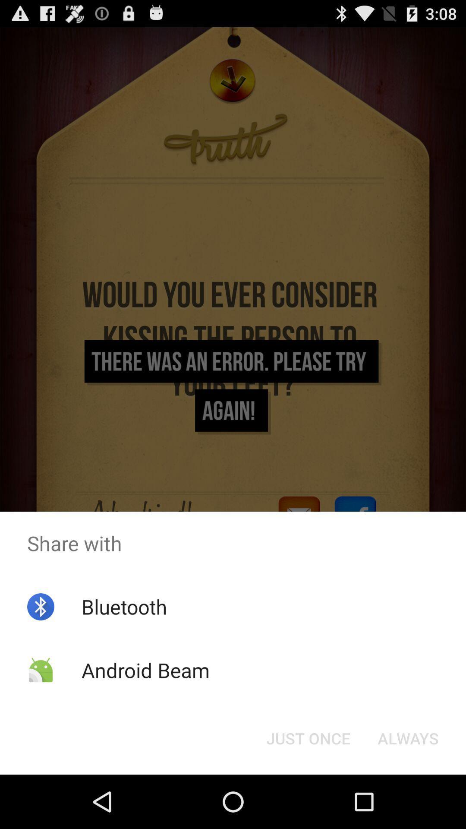  I want to click on the item to the right of the just once button, so click(408, 737).